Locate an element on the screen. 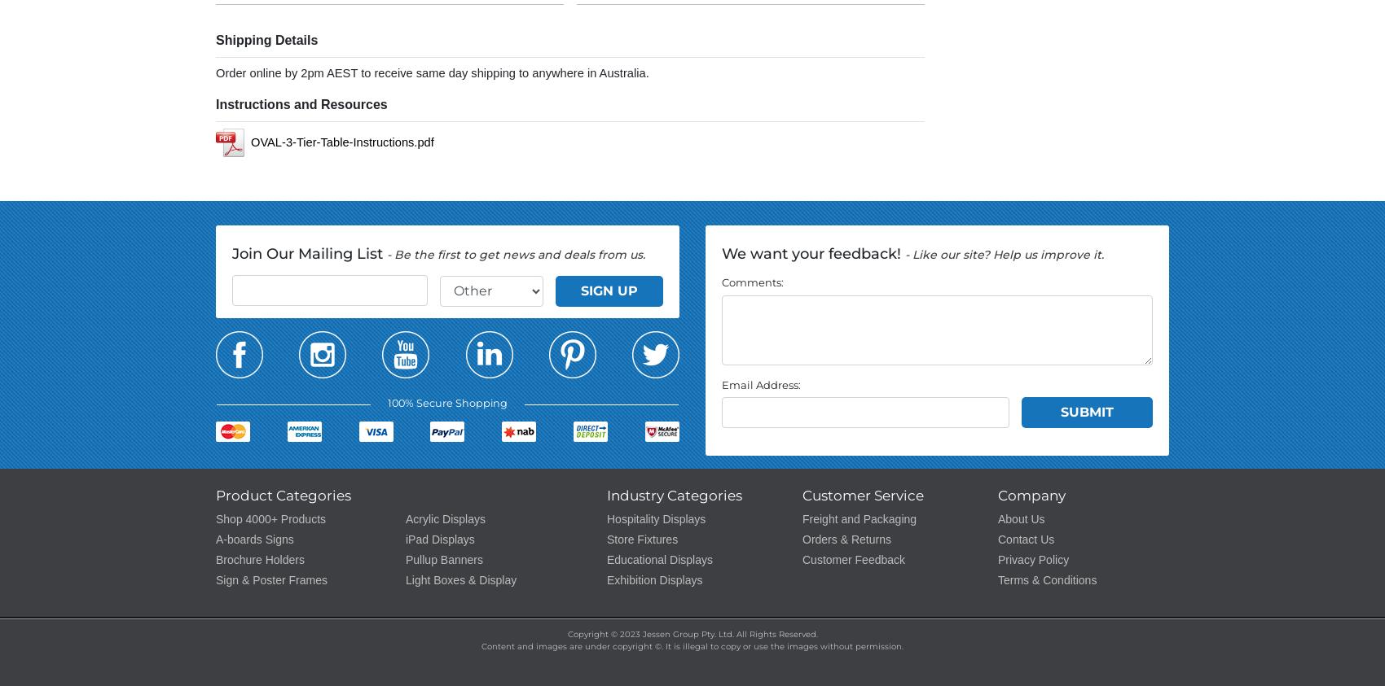 Image resolution: width=1385 pixels, height=686 pixels. 'iPad Displays' is located at coordinates (405, 539).